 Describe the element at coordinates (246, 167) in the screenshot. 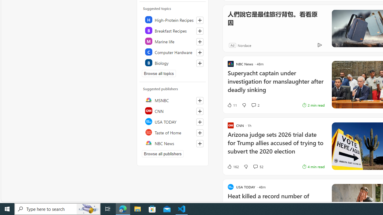

I see `'Dislike'` at that location.